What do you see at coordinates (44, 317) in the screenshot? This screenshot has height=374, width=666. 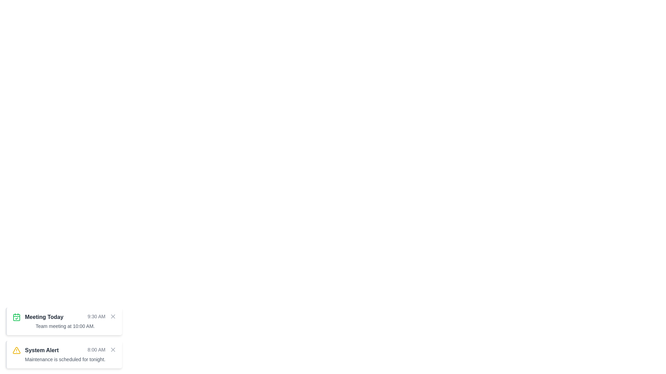 I see `the text element displaying 'Meeting Today' in bold dark gray font within the notification card` at bounding box center [44, 317].